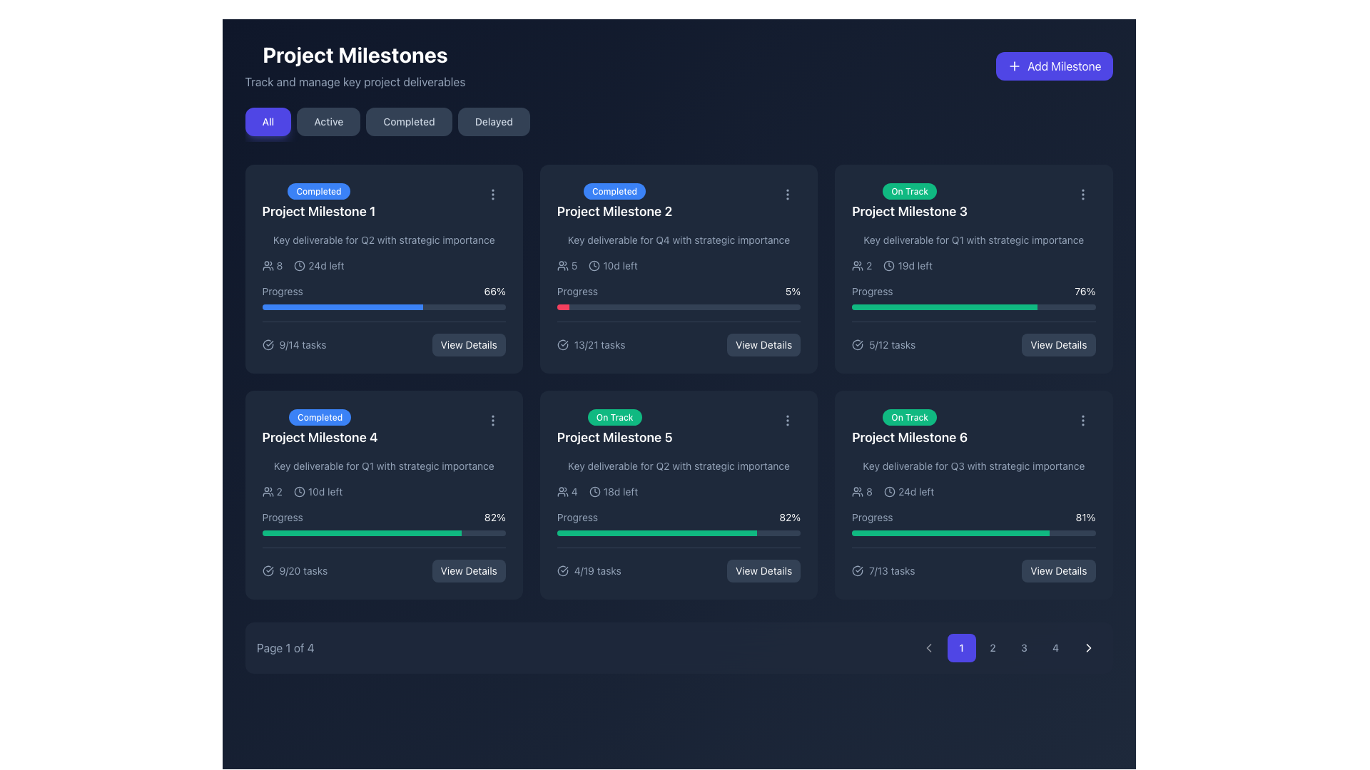 The height and width of the screenshot is (770, 1370). Describe the element at coordinates (678, 239) in the screenshot. I see `the Text label that provides additional descriptive information about the milestone for Q4, located in the second column of the first row beneath the 'Completed' badge and project title 'Project Milestone 2'` at that location.